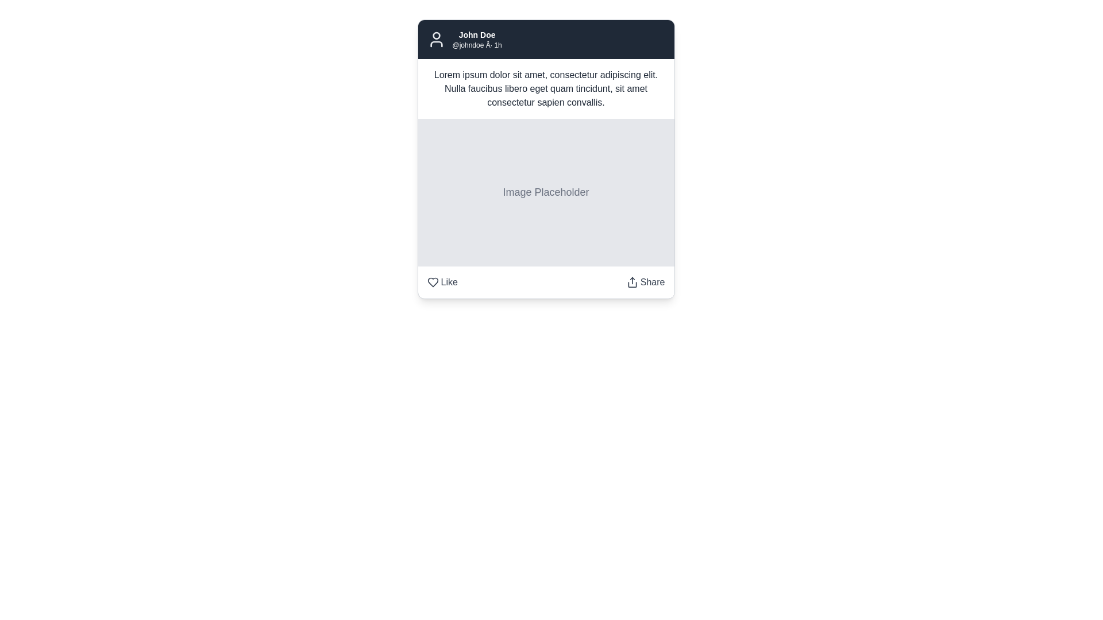  Describe the element at coordinates (449, 282) in the screenshot. I see `the 'Like' text label located to the right of the heart icon in the bottom left section of the card interface to like the content` at that location.